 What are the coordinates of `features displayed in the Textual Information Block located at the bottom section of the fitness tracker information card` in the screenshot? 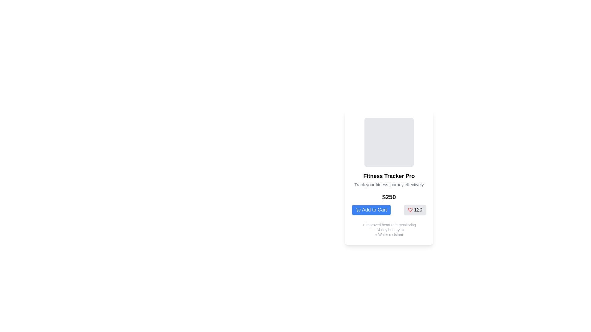 It's located at (388, 228).